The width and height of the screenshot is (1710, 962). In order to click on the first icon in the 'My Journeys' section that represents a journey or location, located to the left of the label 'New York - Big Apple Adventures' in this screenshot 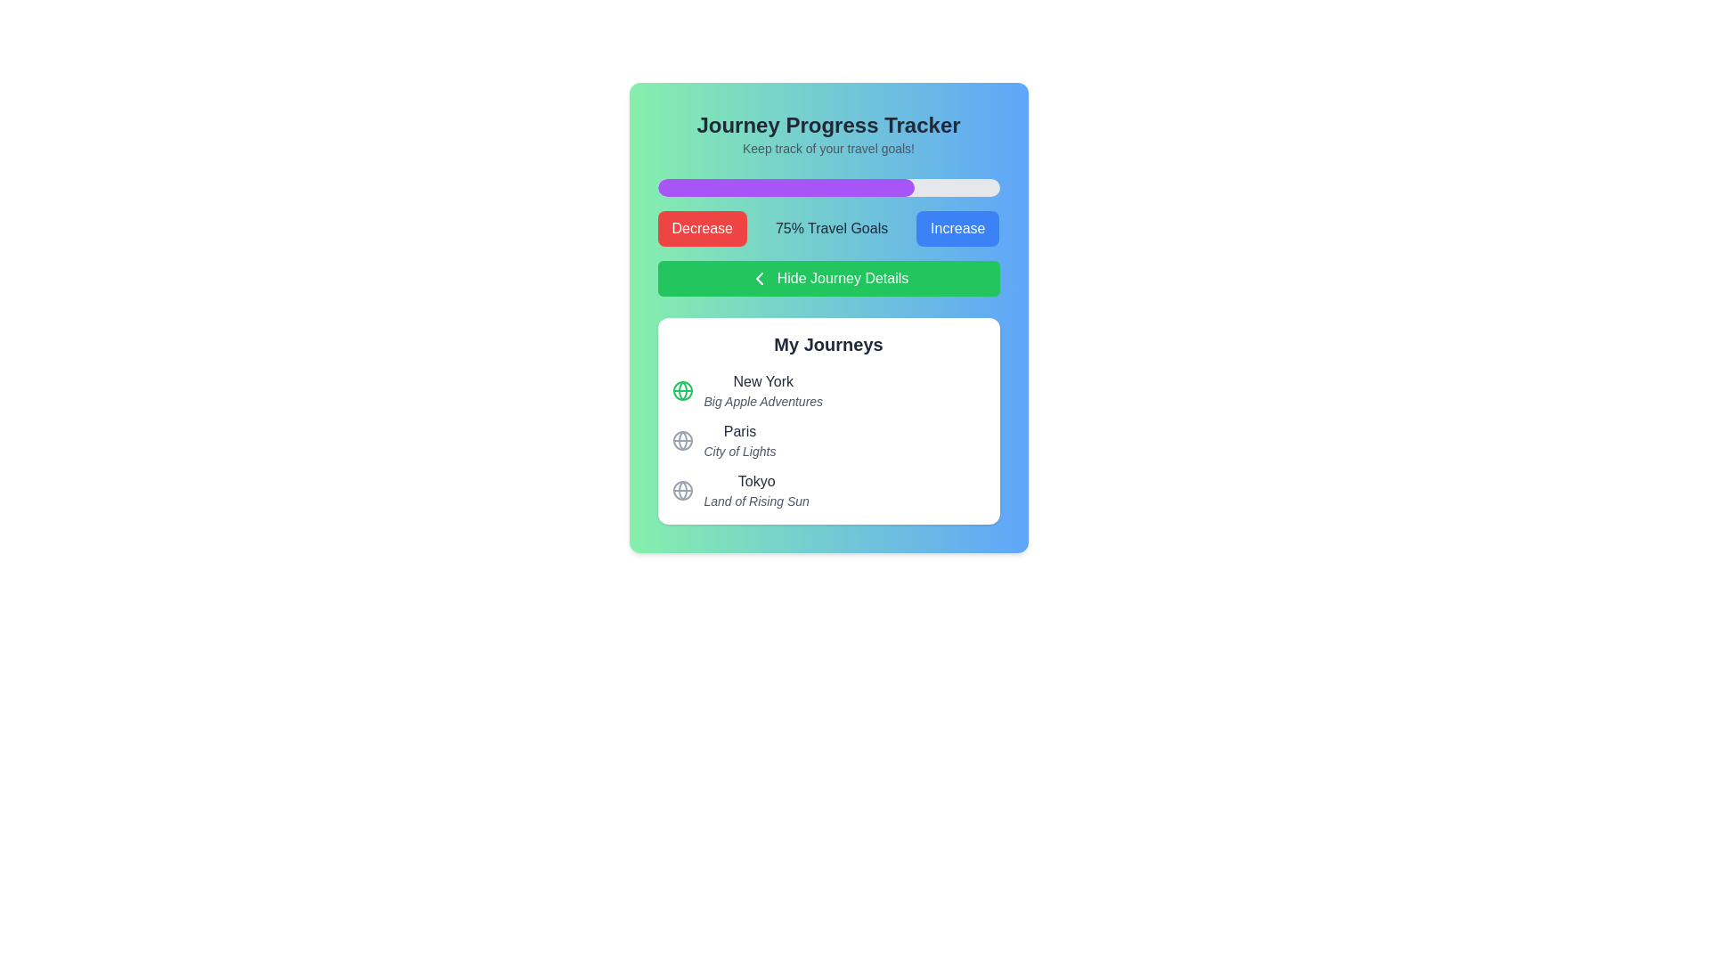, I will do `click(681, 390)`.